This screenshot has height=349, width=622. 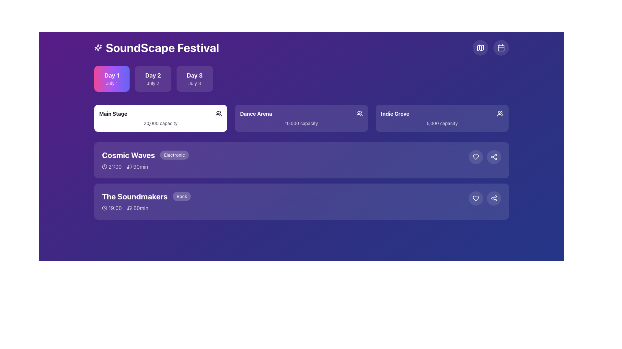 I want to click on the interactive button for selecting the schedule for 'Day 3' (July 3) to change its appearance, so click(x=194, y=78).